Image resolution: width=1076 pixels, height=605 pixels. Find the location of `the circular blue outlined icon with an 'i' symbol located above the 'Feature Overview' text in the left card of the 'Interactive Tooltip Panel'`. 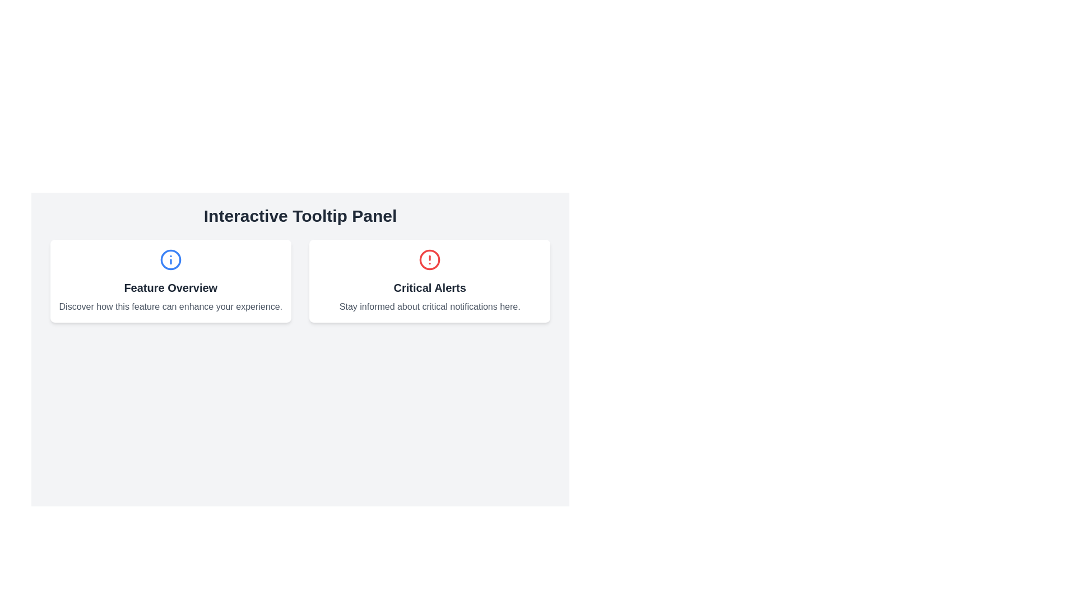

the circular blue outlined icon with an 'i' symbol located above the 'Feature Overview' text in the left card of the 'Interactive Tooltip Panel' is located at coordinates (170, 259).